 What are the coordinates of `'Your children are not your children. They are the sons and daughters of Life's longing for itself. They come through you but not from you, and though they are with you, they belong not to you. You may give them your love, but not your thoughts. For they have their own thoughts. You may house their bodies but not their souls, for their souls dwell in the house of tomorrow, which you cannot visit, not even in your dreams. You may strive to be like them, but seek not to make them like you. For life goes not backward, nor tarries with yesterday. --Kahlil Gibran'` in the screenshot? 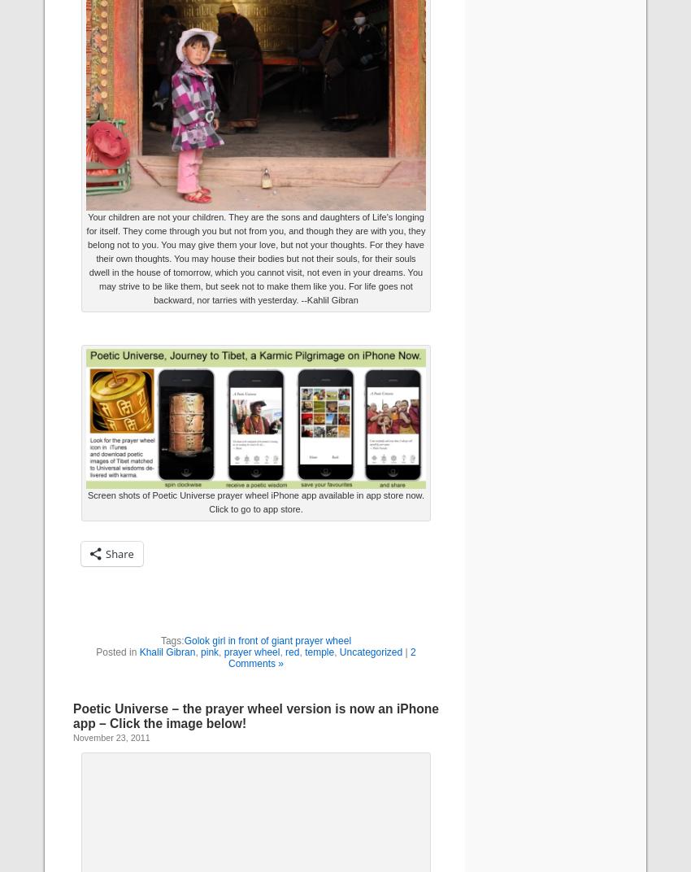 It's located at (255, 256).